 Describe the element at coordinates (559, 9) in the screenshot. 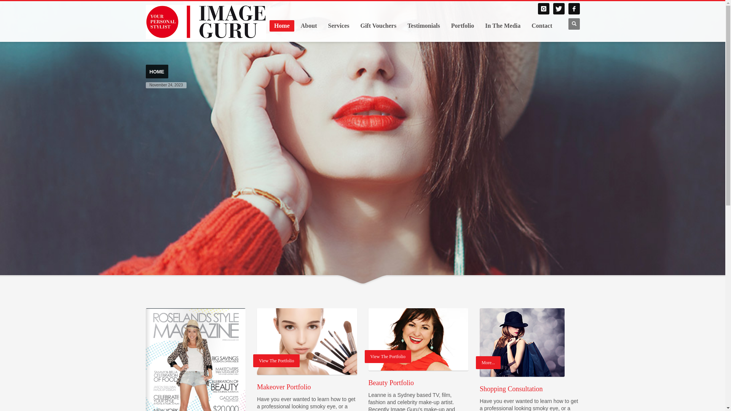

I see `'Twitter'` at that location.